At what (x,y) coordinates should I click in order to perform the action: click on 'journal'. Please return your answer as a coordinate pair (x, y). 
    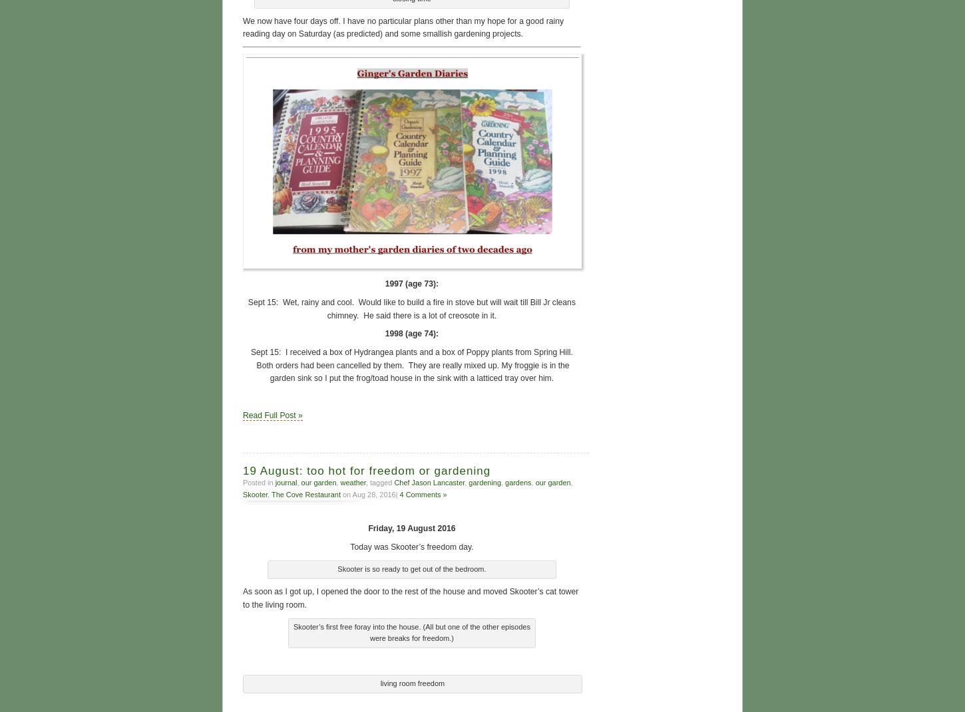
    Looking at the image, I should click on (285, 481).